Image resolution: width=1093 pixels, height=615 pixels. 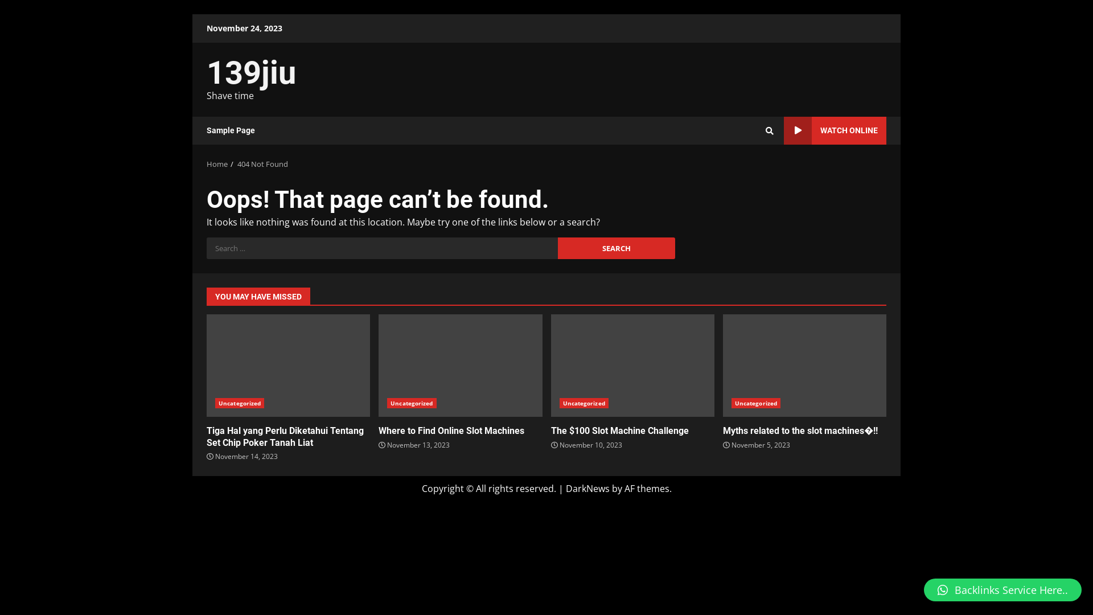 I want to click on 'The $100 Slot Machine Challenge', so click(x=619, y=430).